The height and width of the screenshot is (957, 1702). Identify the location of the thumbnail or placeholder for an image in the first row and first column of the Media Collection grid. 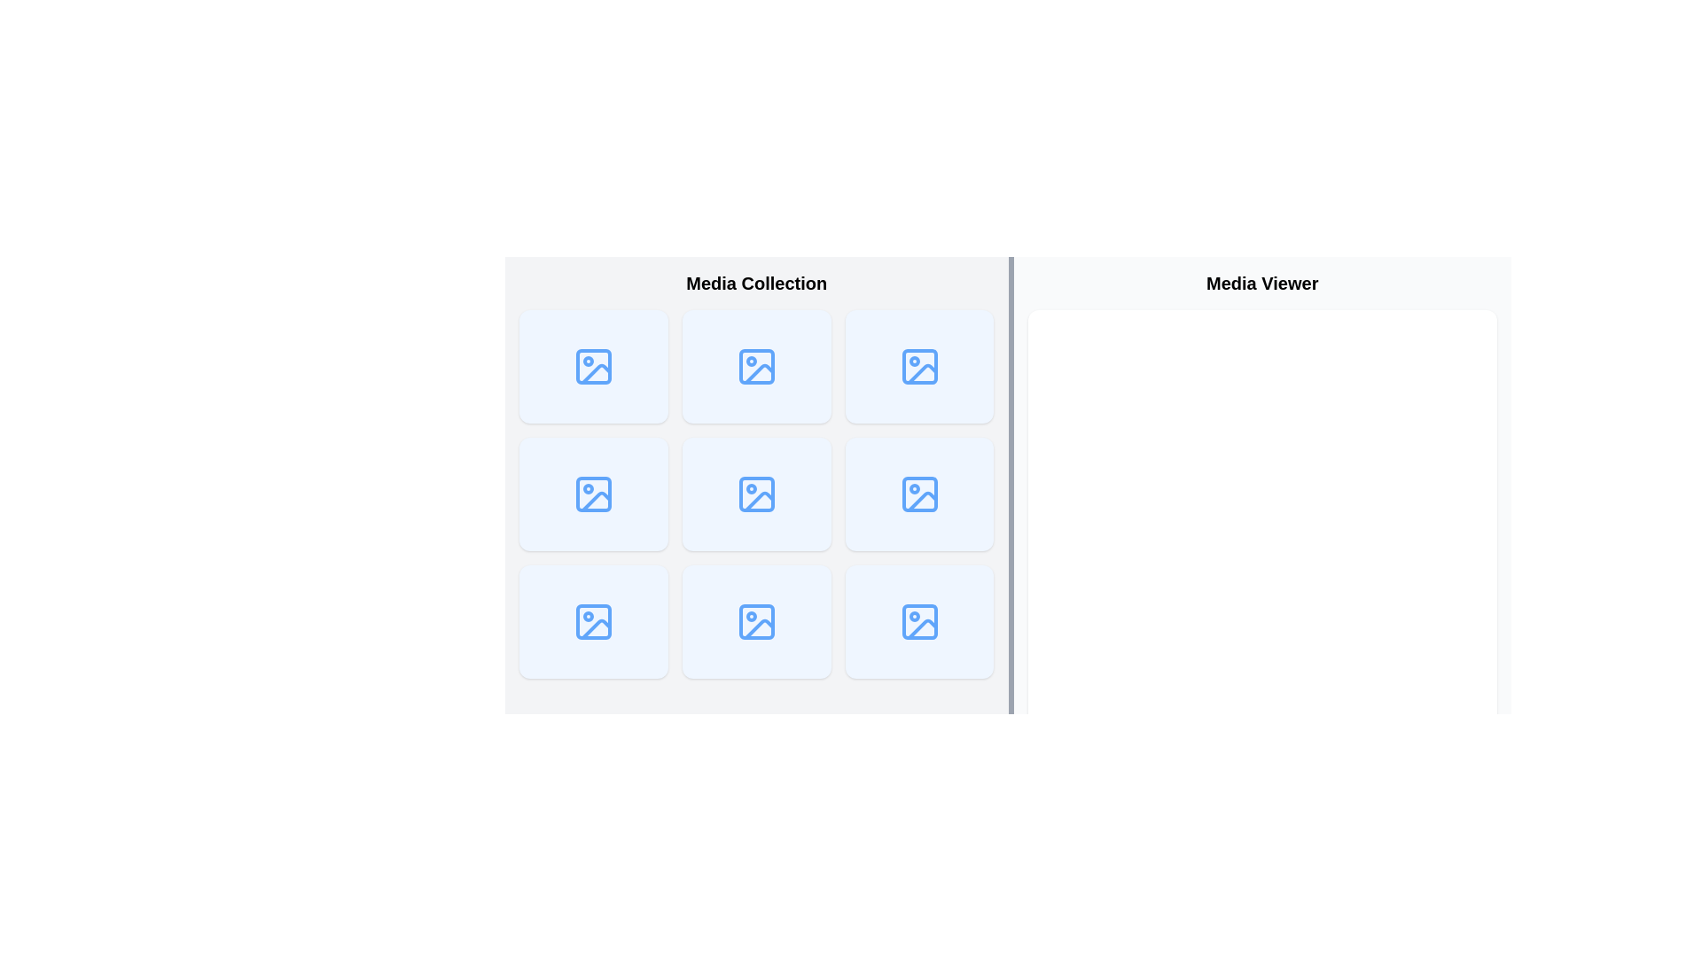
(593, 365).